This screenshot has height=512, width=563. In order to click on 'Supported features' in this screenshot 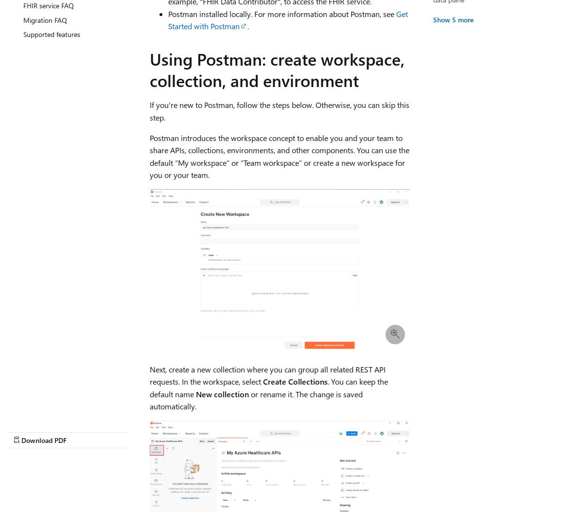, I will do `click(23, 34)`.